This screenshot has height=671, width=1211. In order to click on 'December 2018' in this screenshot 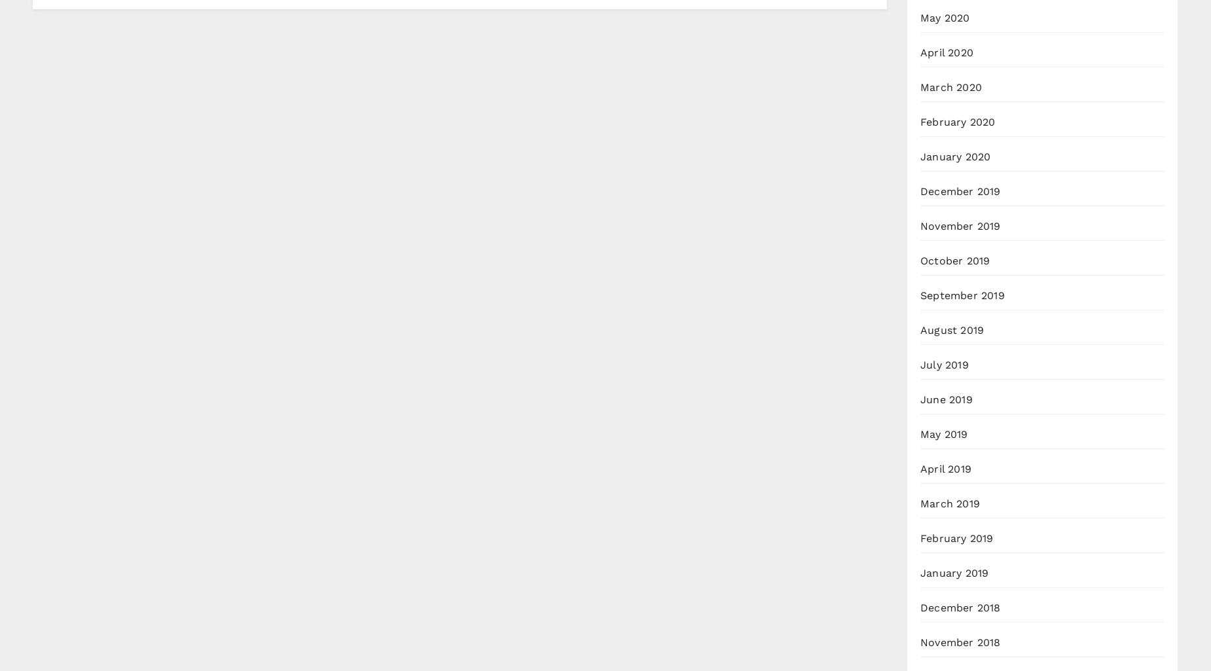, I will do `click(960, 607)`.